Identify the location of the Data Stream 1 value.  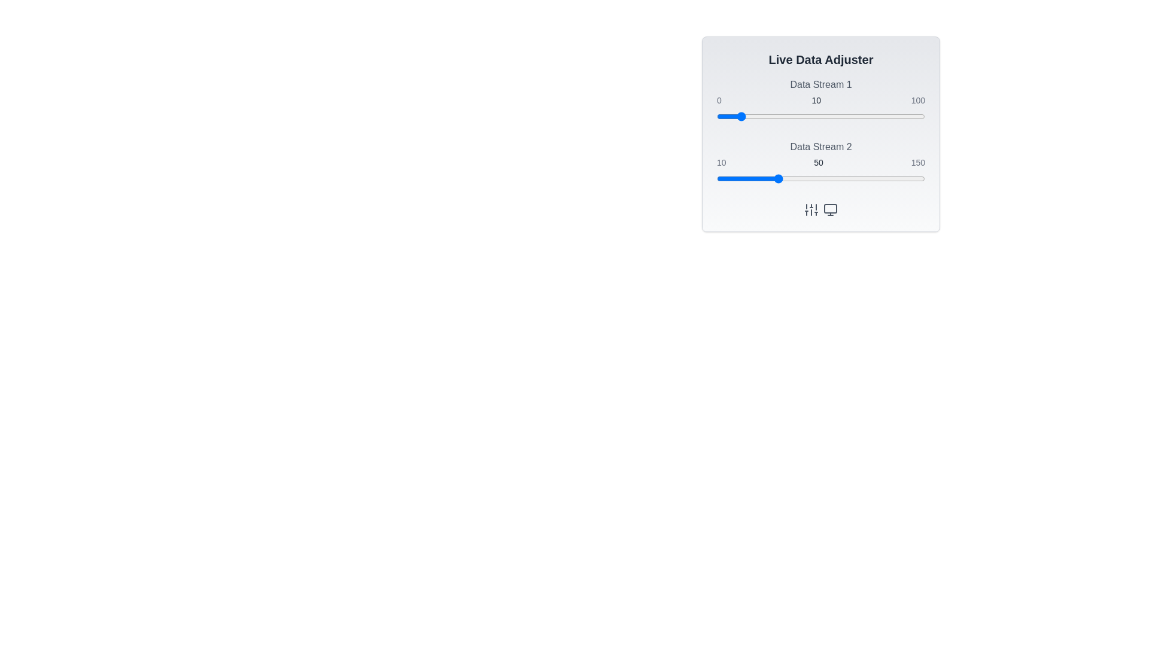
(896, 117).